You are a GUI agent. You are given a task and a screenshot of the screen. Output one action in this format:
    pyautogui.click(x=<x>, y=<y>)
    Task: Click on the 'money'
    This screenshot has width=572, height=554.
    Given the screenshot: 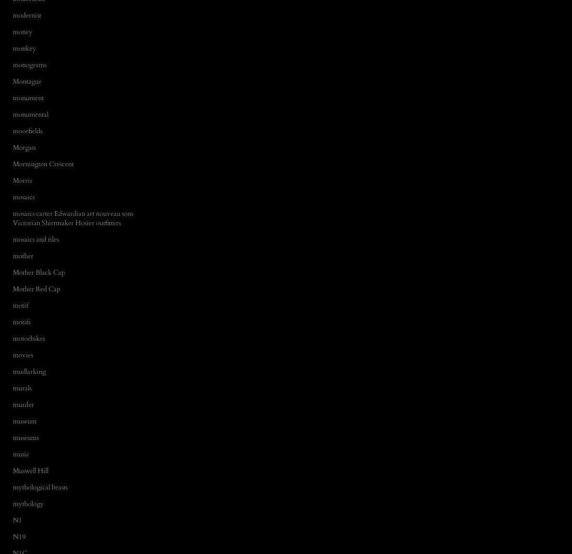 What is the action you would take?
    pyautogui.click(x=22, y=30)
    